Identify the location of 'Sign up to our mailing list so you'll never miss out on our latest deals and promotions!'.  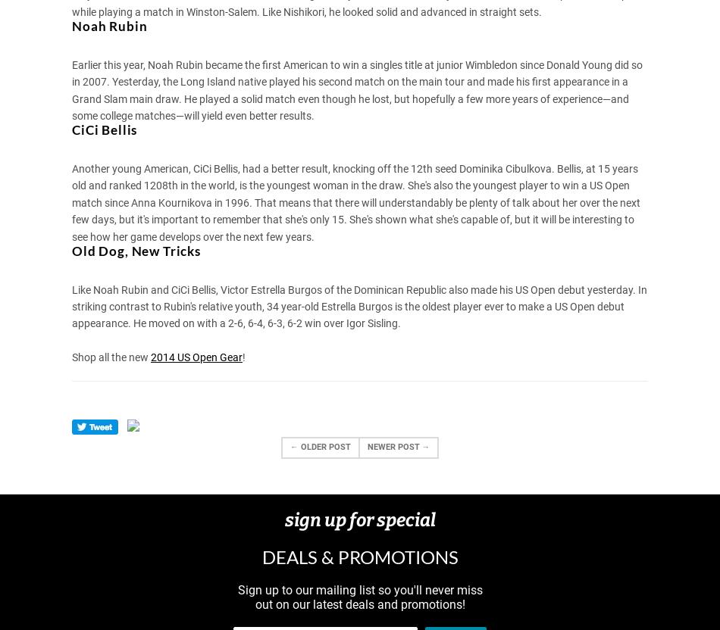
(358, 596).